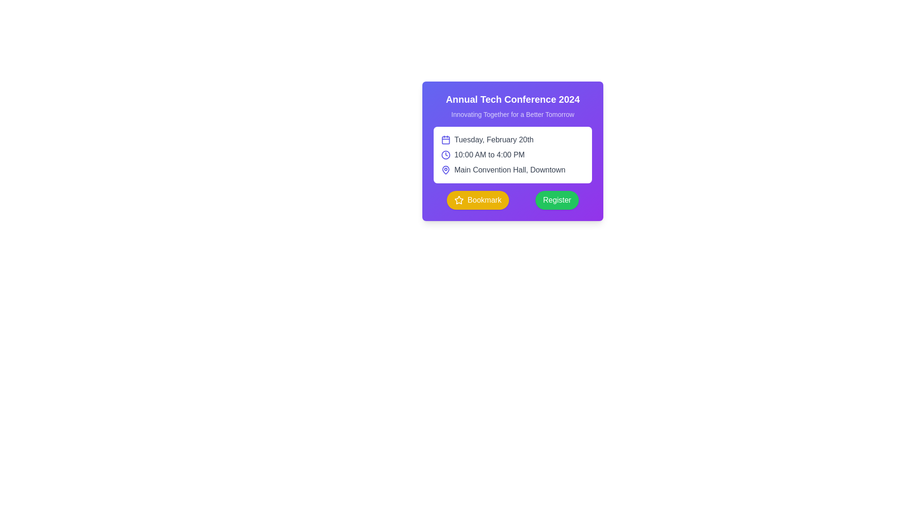 The height and width of the screenshot is (509, 905). Describe the element at coordinates (512, 140) in the screenshot. I see `the text 'Tuesday, February 20th'` at that location.